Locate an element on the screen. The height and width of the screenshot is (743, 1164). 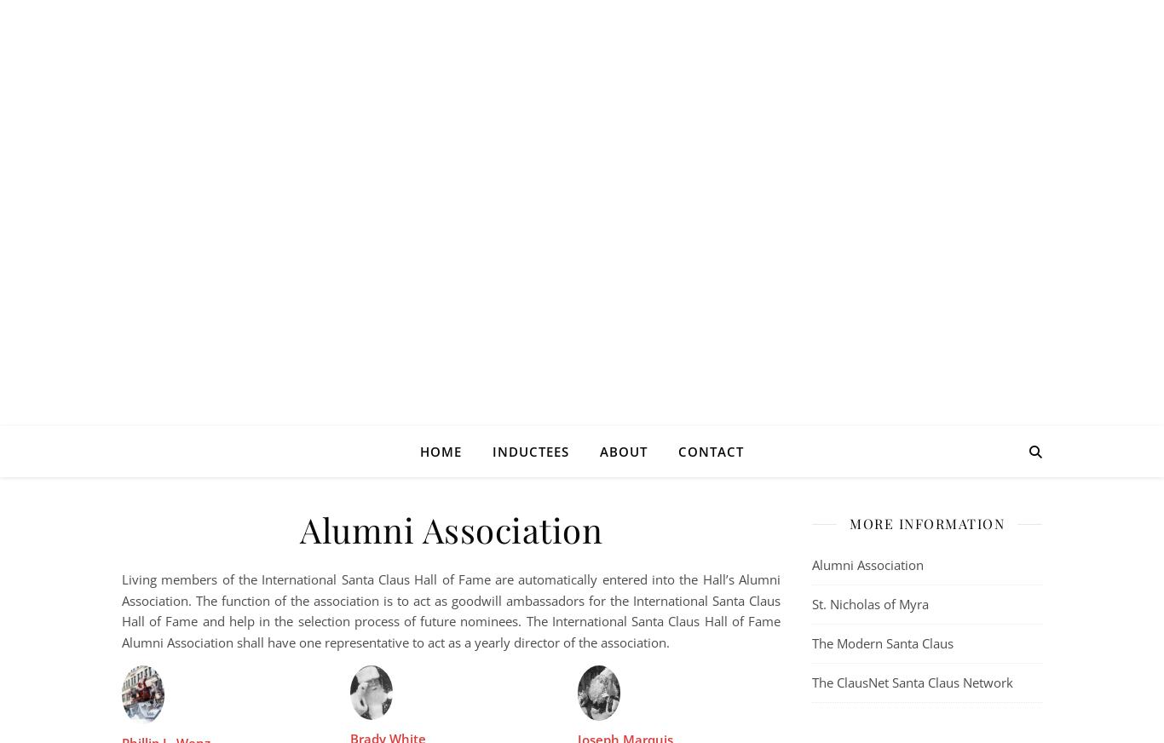
'Contact' is located at coordinates (710, 451).